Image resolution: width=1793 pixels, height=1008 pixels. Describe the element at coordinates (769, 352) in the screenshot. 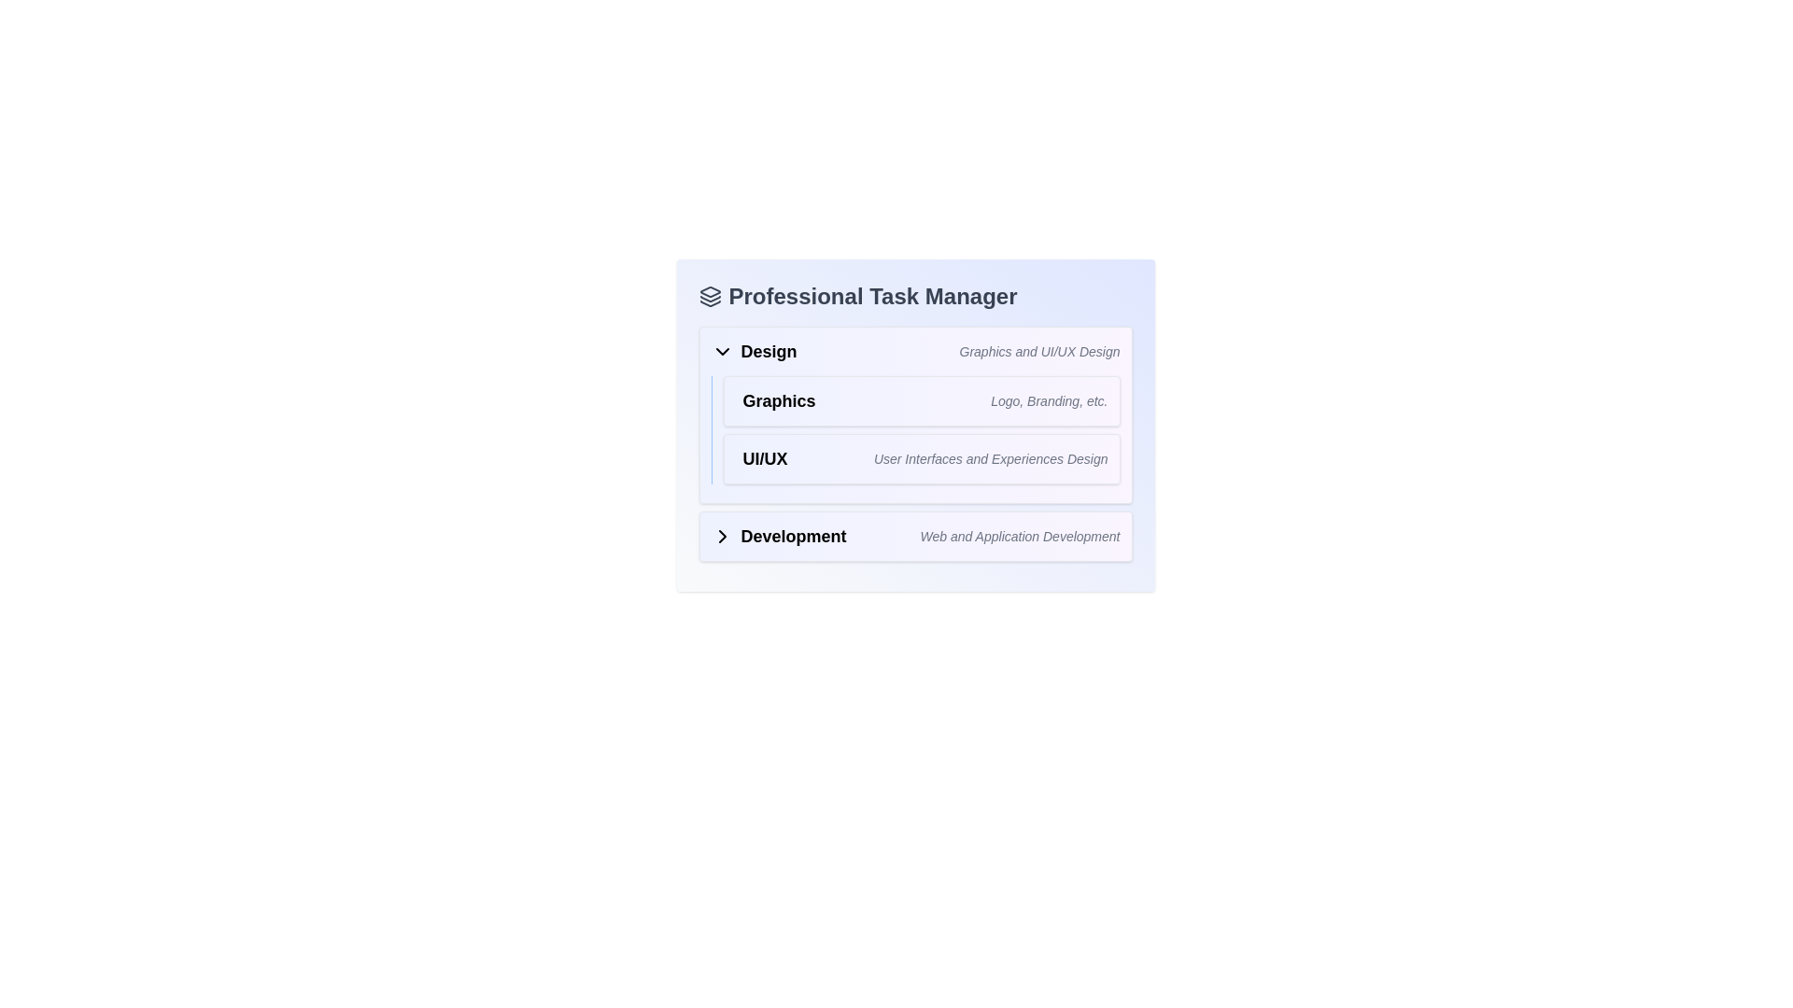

I see `the text label displaying 'Design', which is styled prominently and located within a horizontal layout` at that location.